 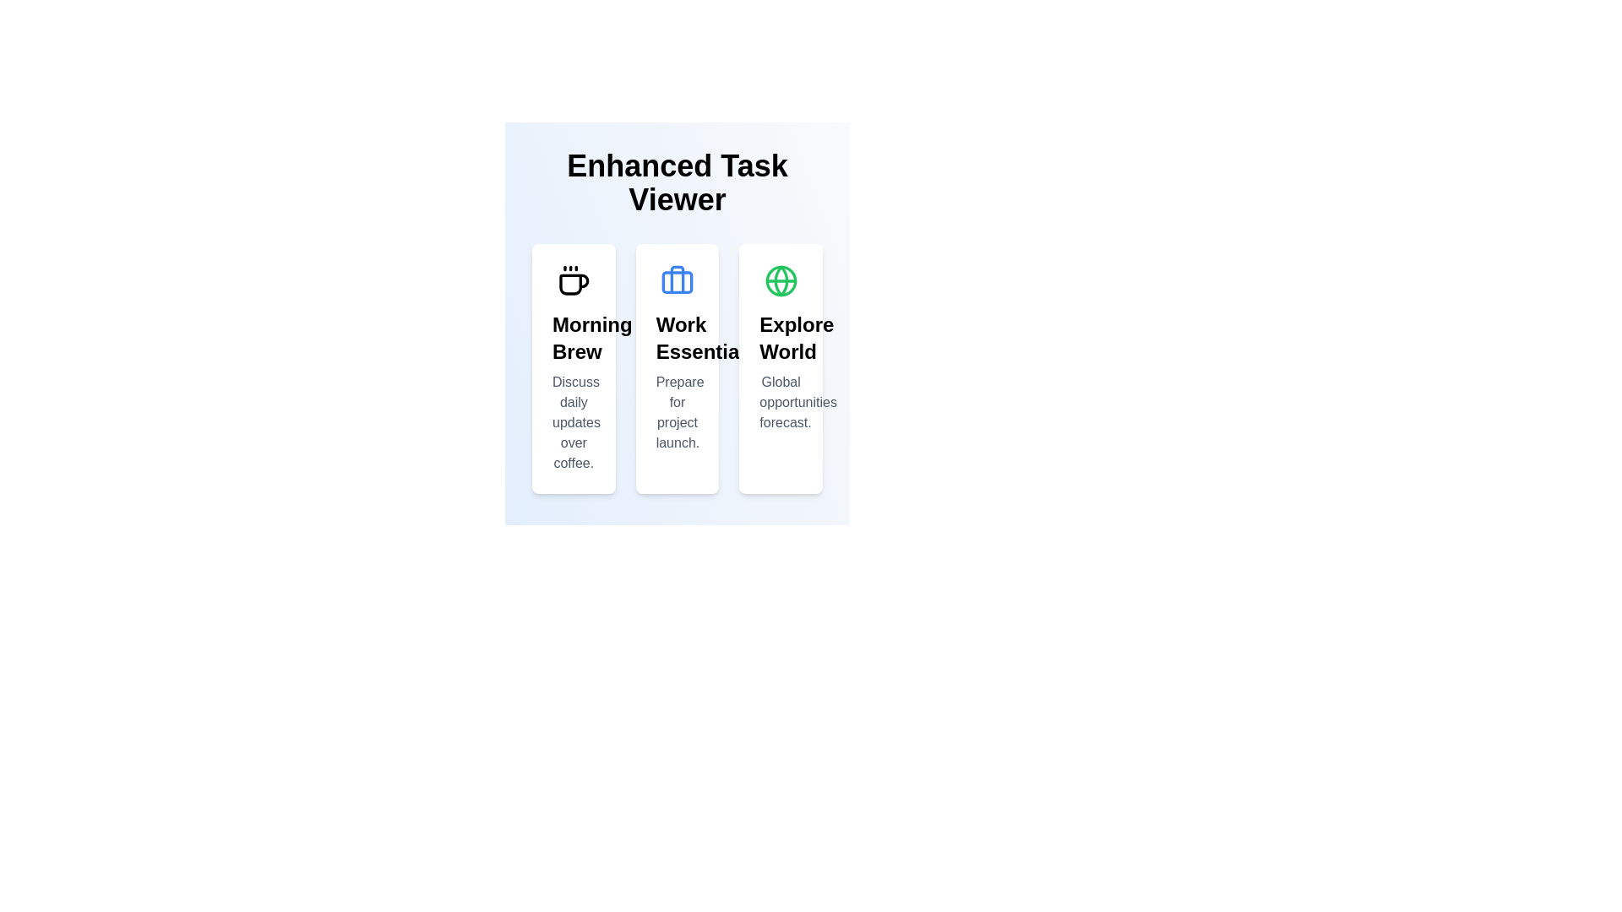 I want to click on the blue suitcase icon located at the top of the 'Work Essentials' card, so click(x=677, y=280).